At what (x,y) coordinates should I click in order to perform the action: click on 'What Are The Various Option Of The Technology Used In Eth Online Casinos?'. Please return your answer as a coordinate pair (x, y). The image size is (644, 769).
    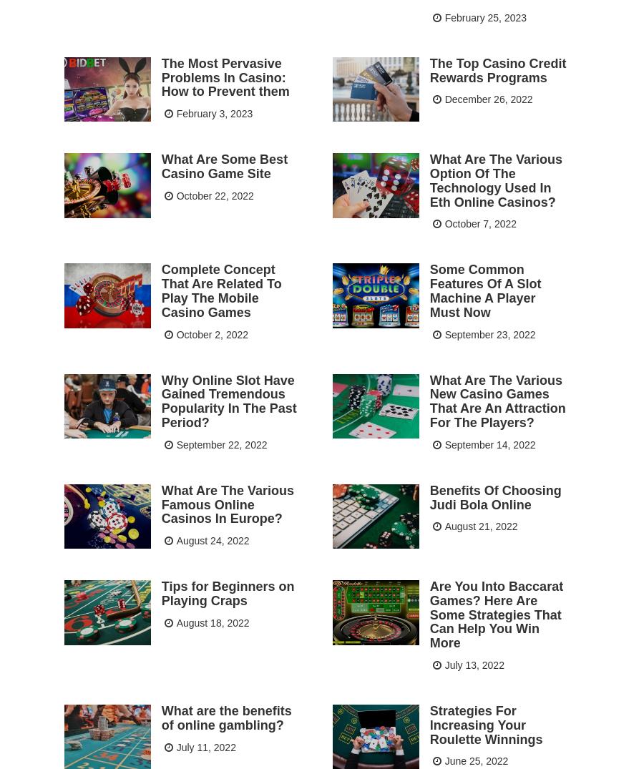
    Looking at the image, I should click on (495, 180).